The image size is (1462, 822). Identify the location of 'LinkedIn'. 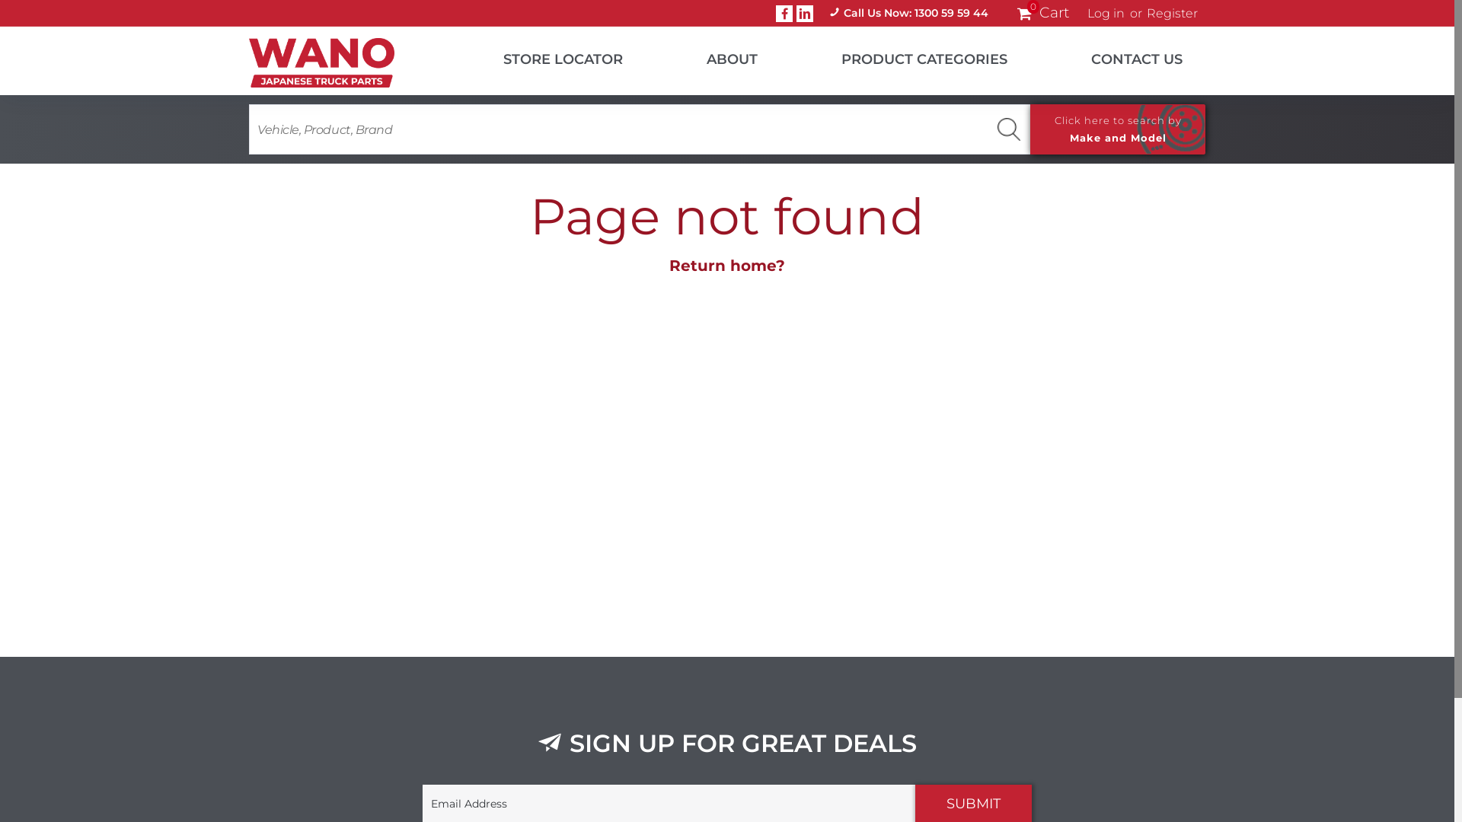
(796, 12).